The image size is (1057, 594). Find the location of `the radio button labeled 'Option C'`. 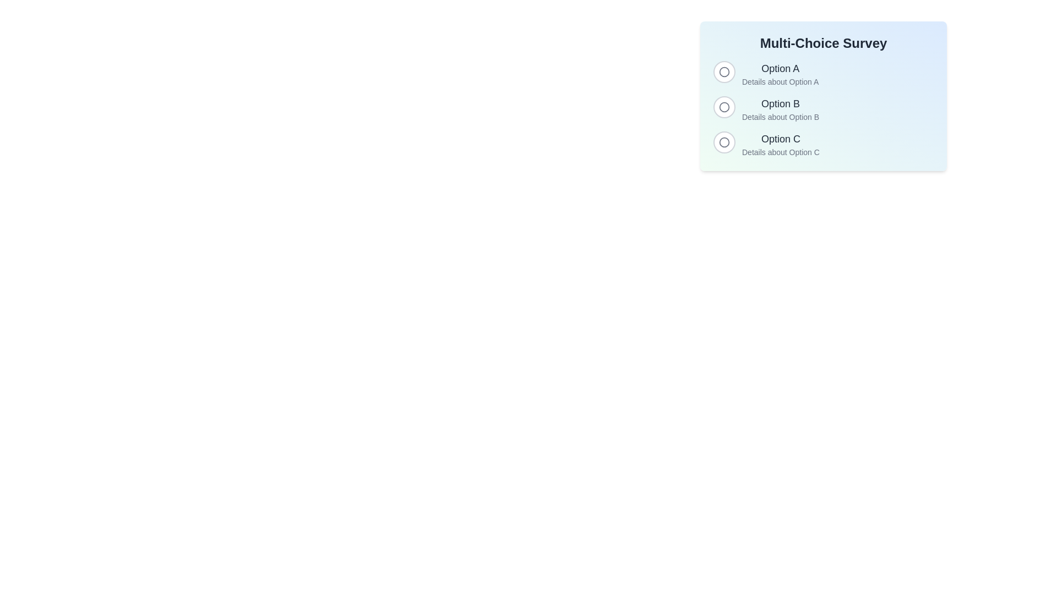

the radio button labeled 'Option C' is located at coordinates (824, 144).